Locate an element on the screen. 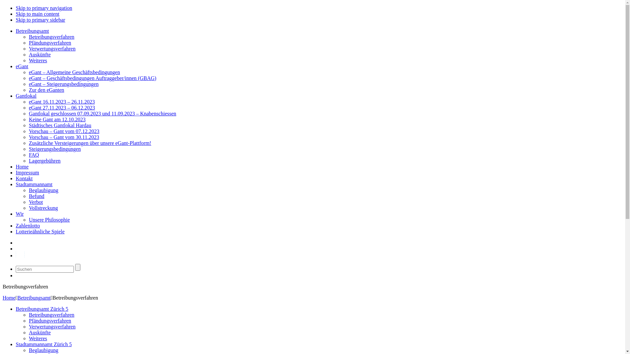 Image resolution: width=630 pixels, height=354 pixels. 'Skip to primary navigation' is located at coordinates (44, 8).